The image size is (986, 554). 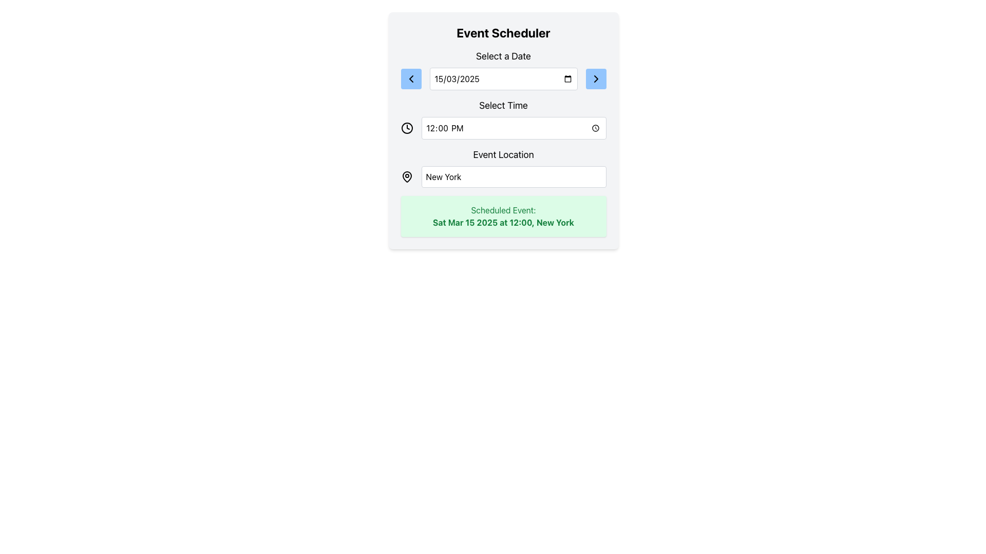 What do you see at coordinates (514, 128) in the screenshot?
I see `the time picker` at bounding box center [514, 128].